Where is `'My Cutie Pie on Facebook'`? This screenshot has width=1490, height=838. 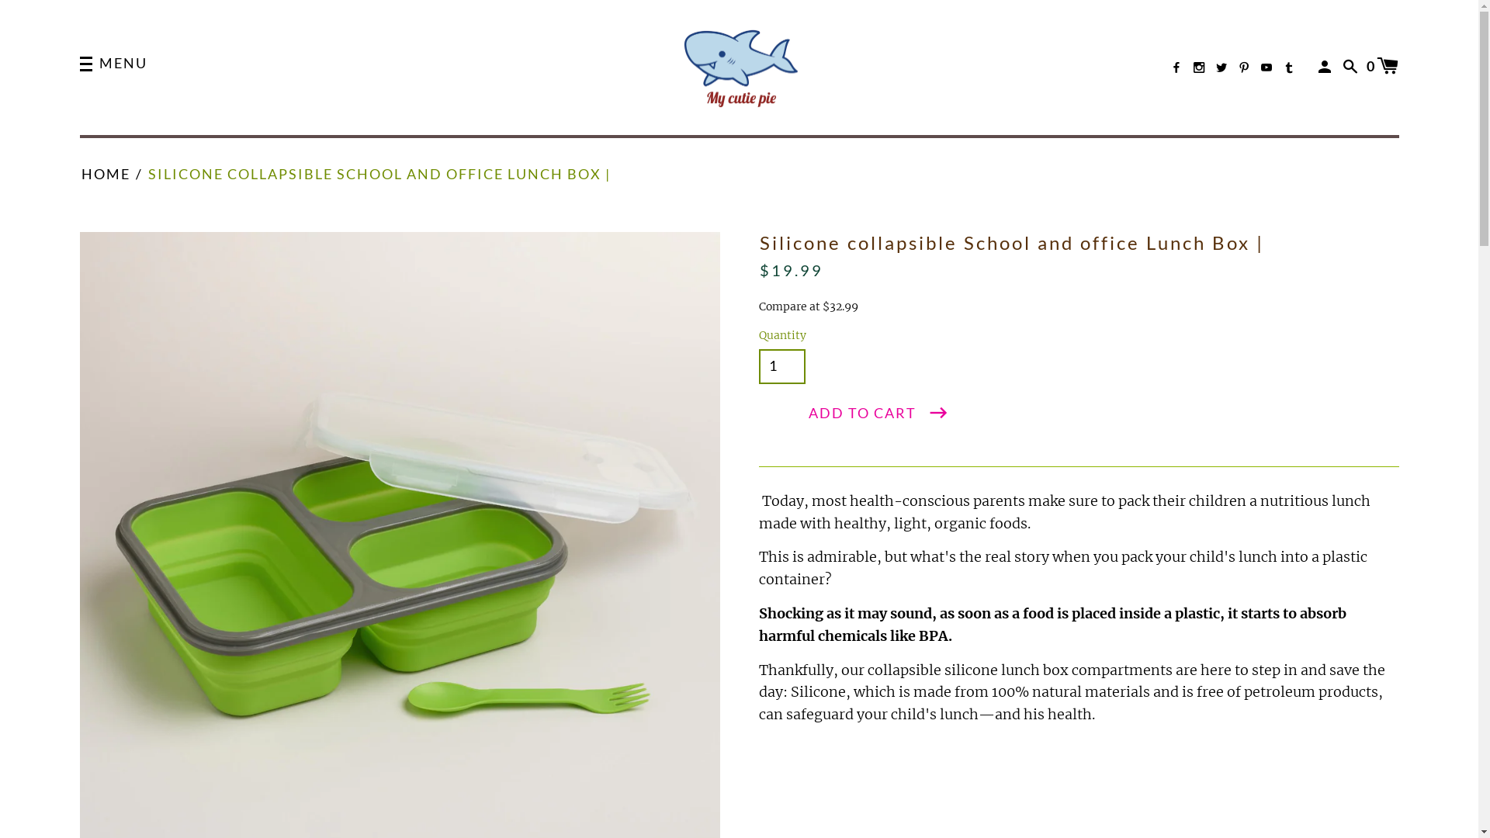
'My Cutie Pie on Facebook' is located at coordinates (1176, 67).